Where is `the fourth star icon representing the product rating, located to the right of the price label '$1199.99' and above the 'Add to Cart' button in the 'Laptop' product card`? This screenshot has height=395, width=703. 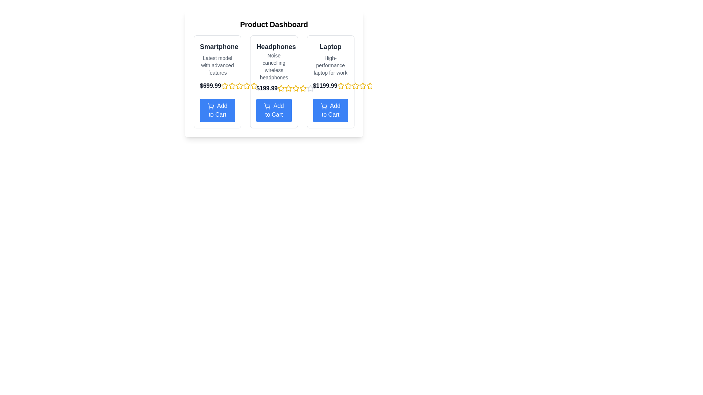 the fourth star icon representing the product rating, located to the right of the price label '$1199.99' and above the 'Add to Cart' button in the 'Laptop' product card is located at coordinates (356, 86).